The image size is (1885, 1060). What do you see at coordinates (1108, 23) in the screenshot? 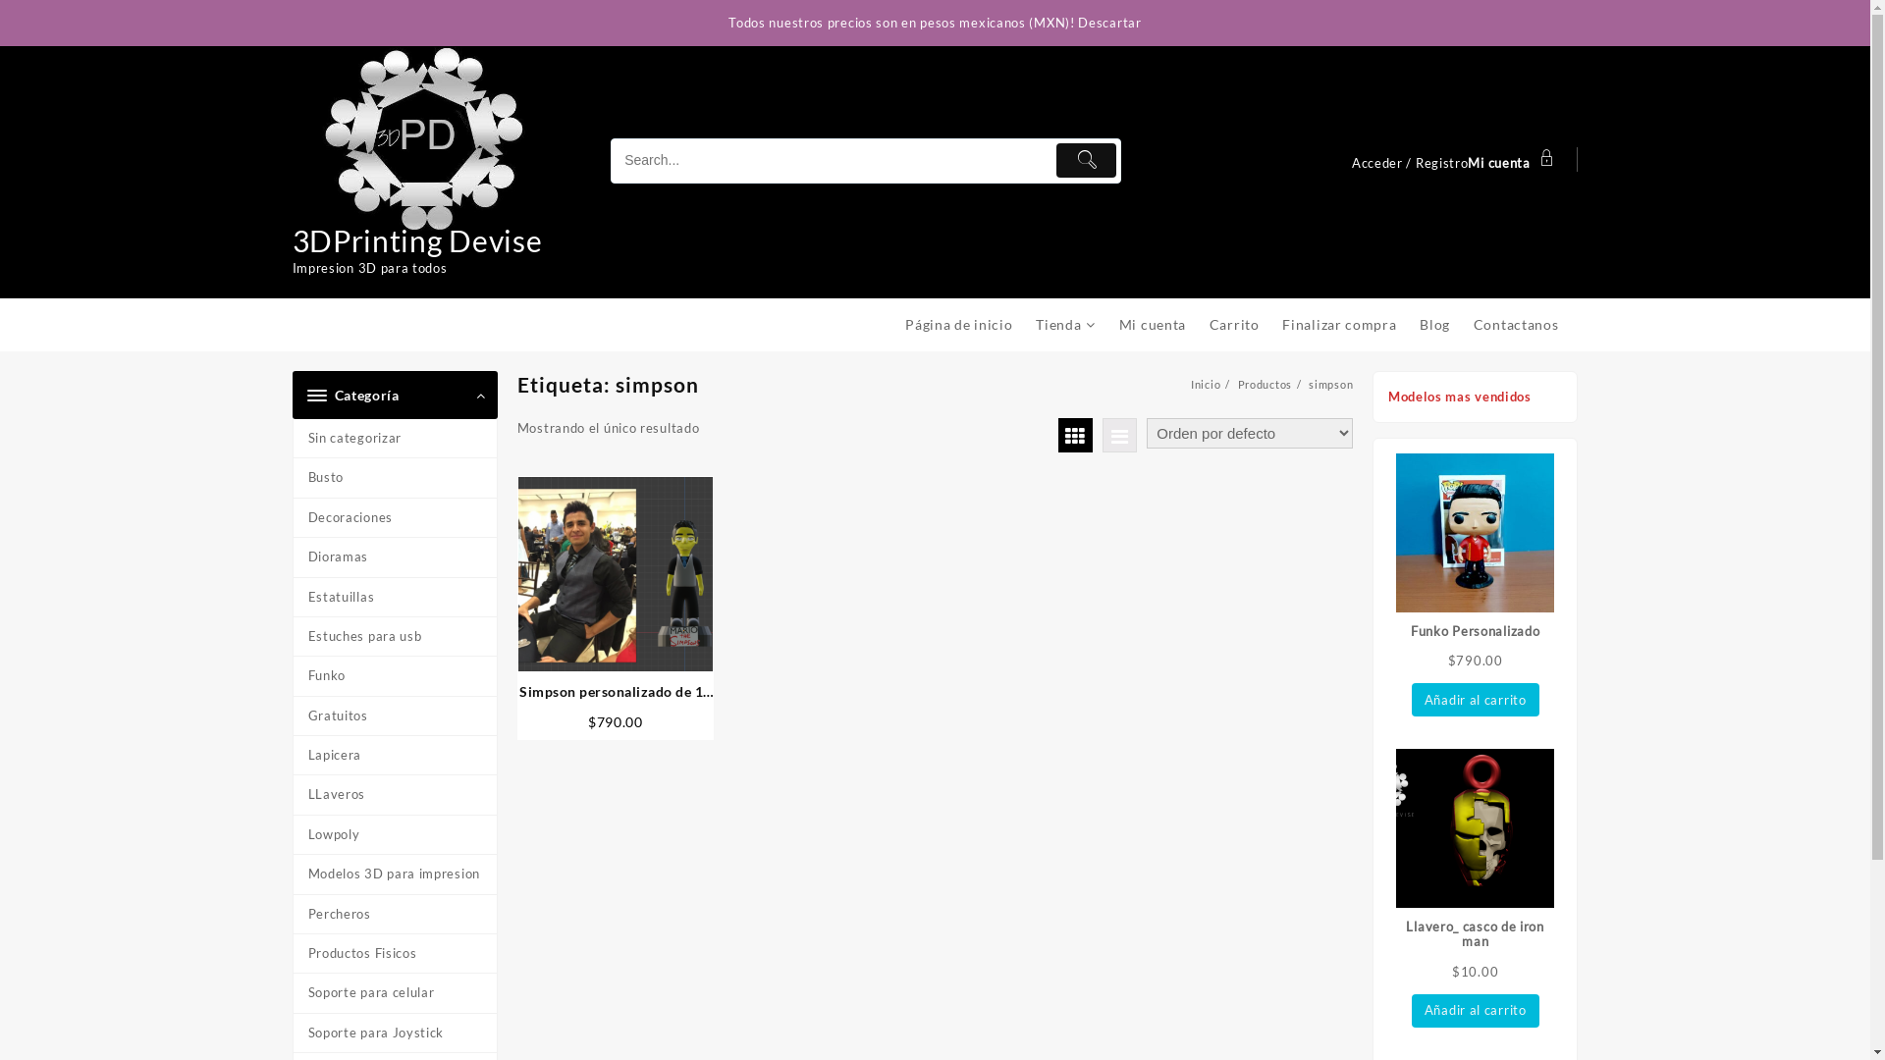
I see `'Descartar'` at bounding box center [1108, 23].